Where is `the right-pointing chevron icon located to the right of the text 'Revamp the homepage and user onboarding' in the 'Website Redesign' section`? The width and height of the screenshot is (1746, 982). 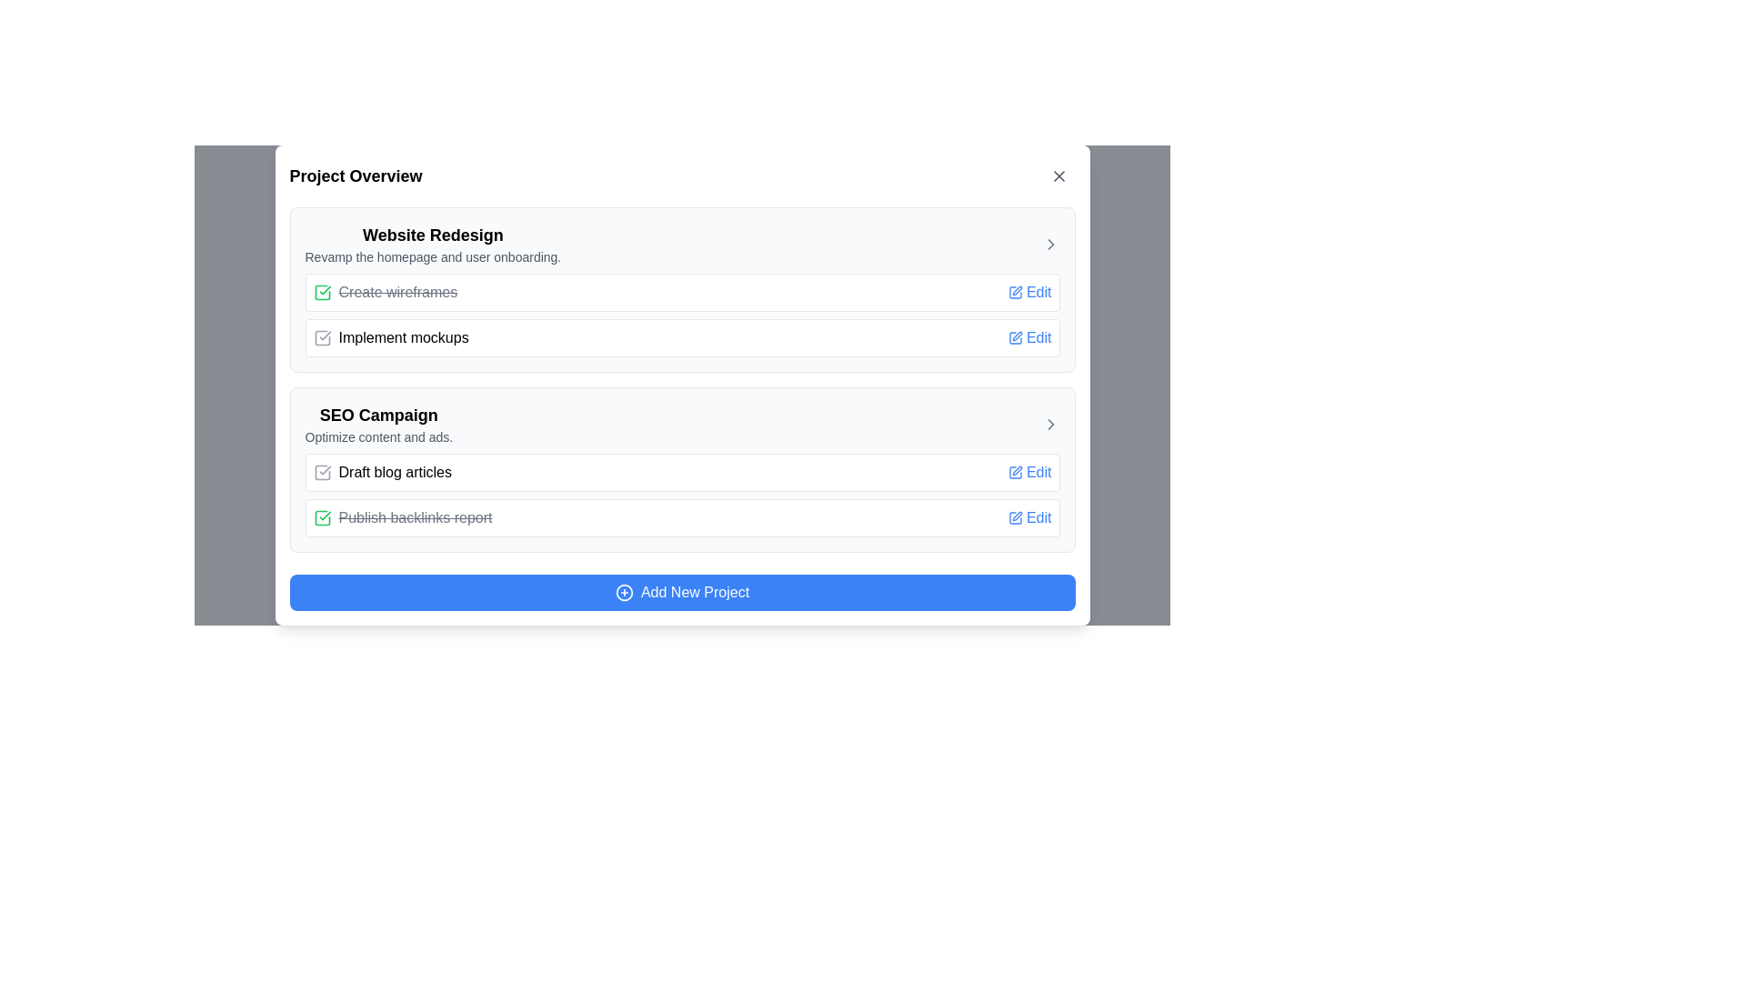
the right-pointing chevron icon located to the right of the text 'Revamp the homepage and user onboarding' in the 'Website Redesign' section is located at coordinates (1050, 244).